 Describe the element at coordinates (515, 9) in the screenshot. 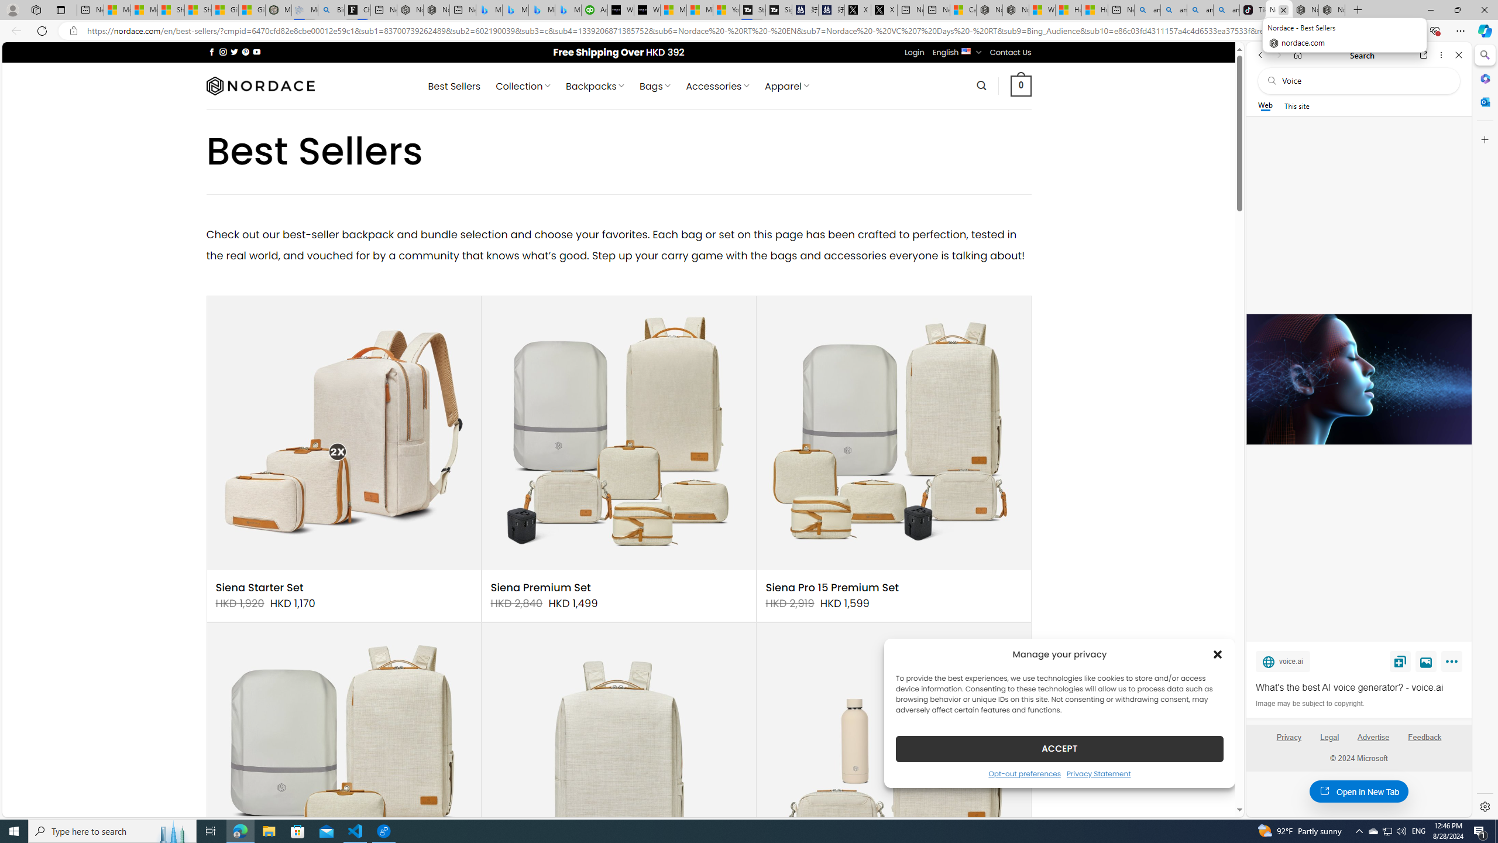

I see `'Microsoft Bing Travel - Stays in Bangkok, Bangkok, Thailand'` at that location.